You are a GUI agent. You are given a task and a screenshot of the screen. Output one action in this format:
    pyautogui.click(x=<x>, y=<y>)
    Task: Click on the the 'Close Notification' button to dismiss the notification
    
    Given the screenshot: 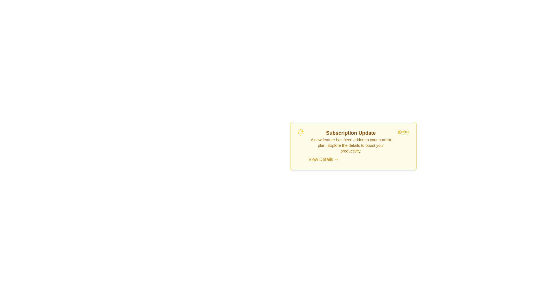 What is the action you would take?
    pyautogui.click(x=403, y=132)
    